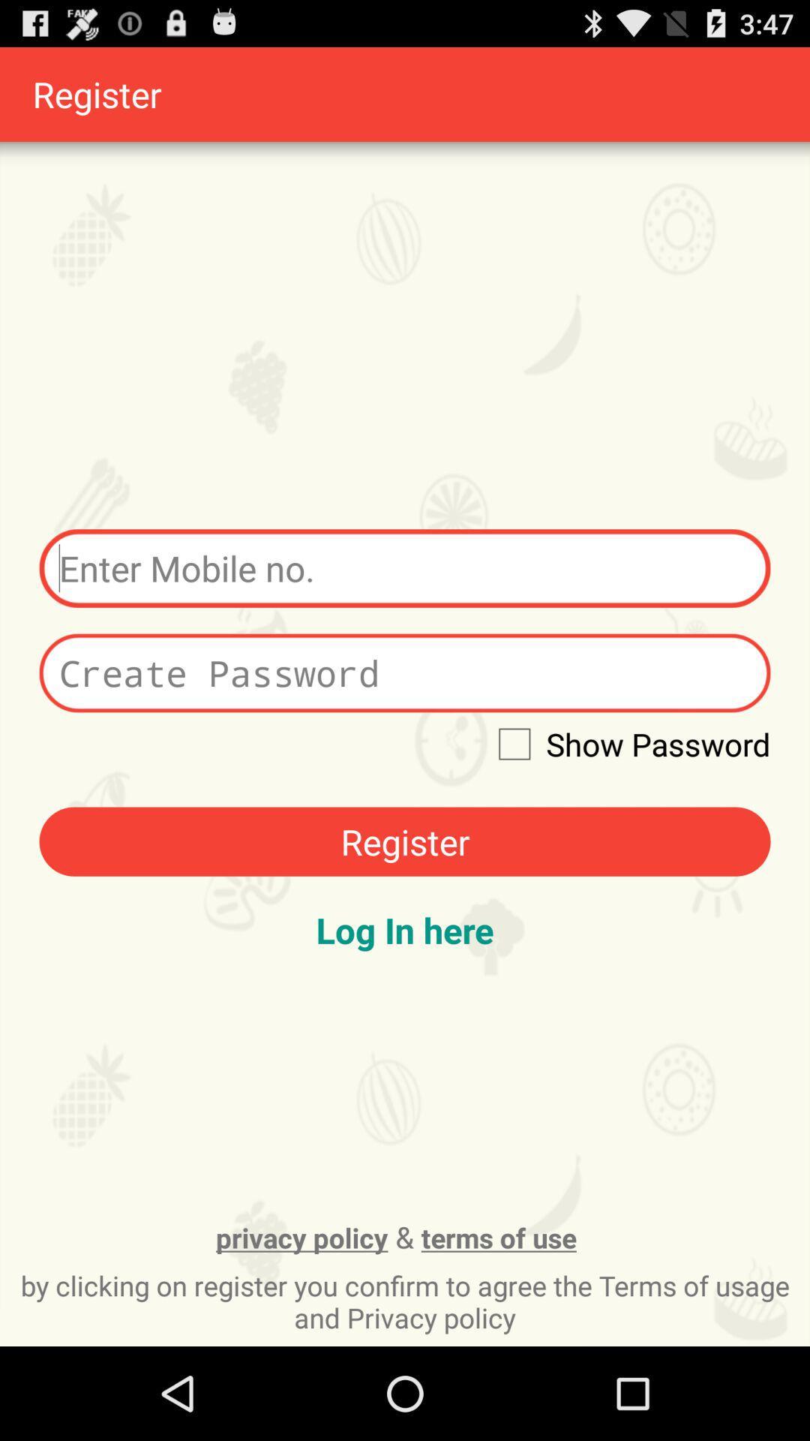  Describe the element at coordinates (405, 672) in the screenshot. I see `put in password` at that location.